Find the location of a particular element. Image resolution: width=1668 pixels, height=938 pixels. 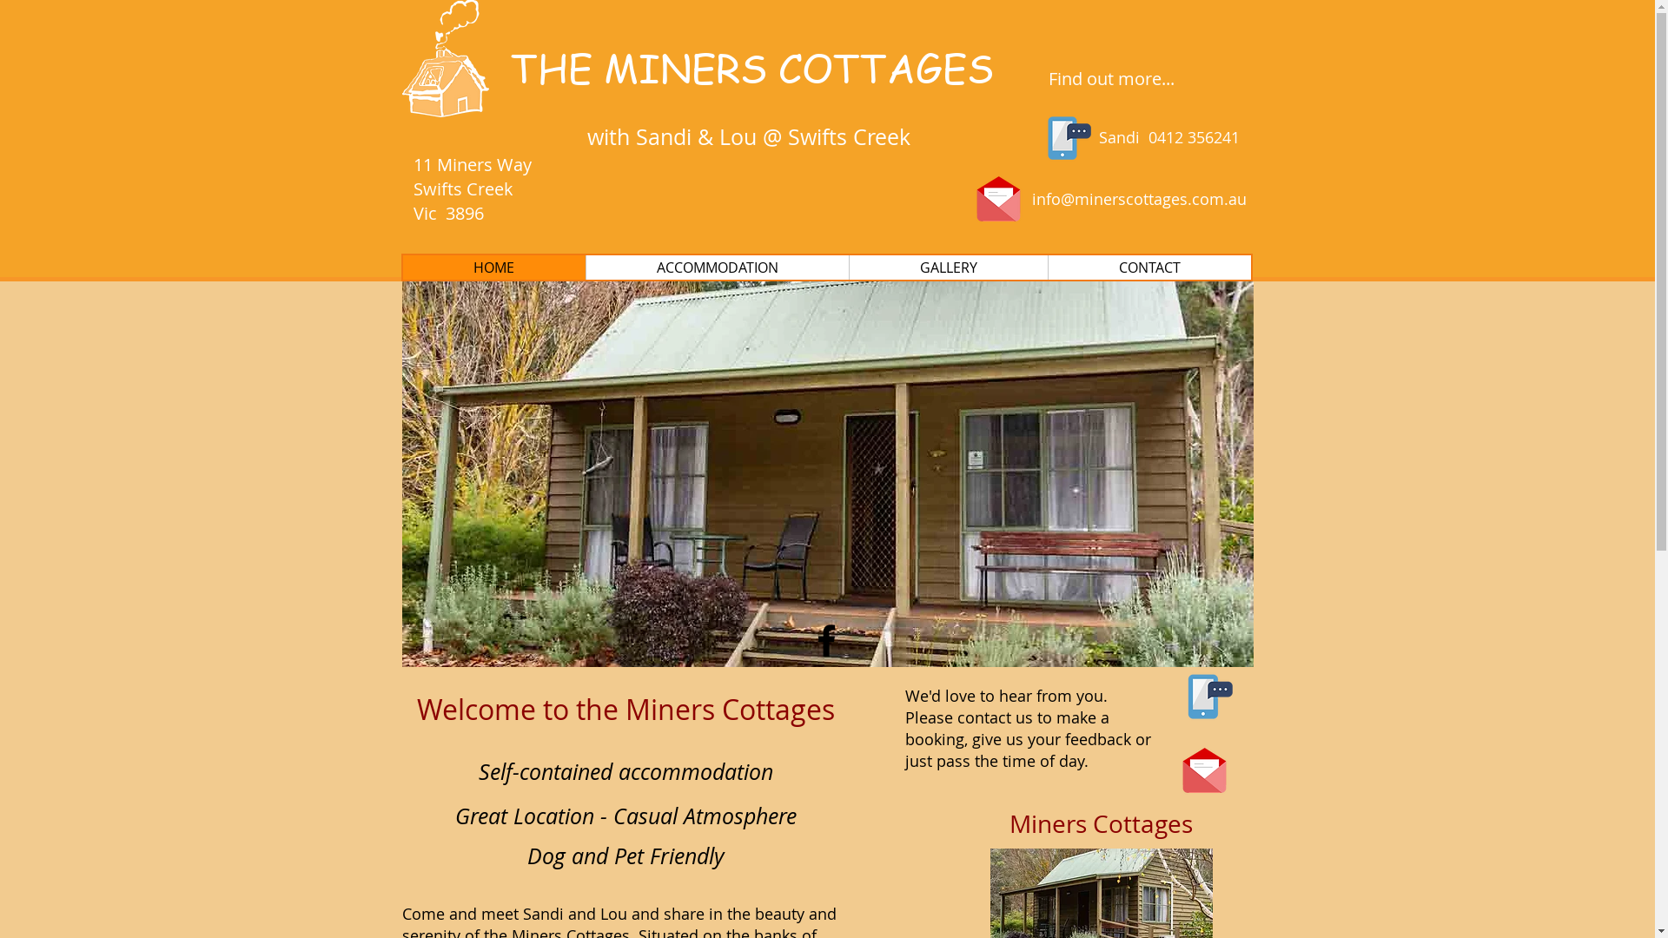

'HOME' is located at coordinates (493, 268).